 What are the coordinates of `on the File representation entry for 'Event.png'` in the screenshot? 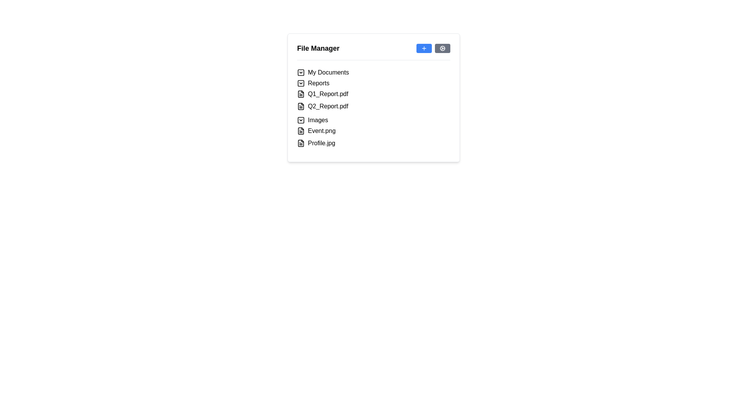 It's located at (373, 130).